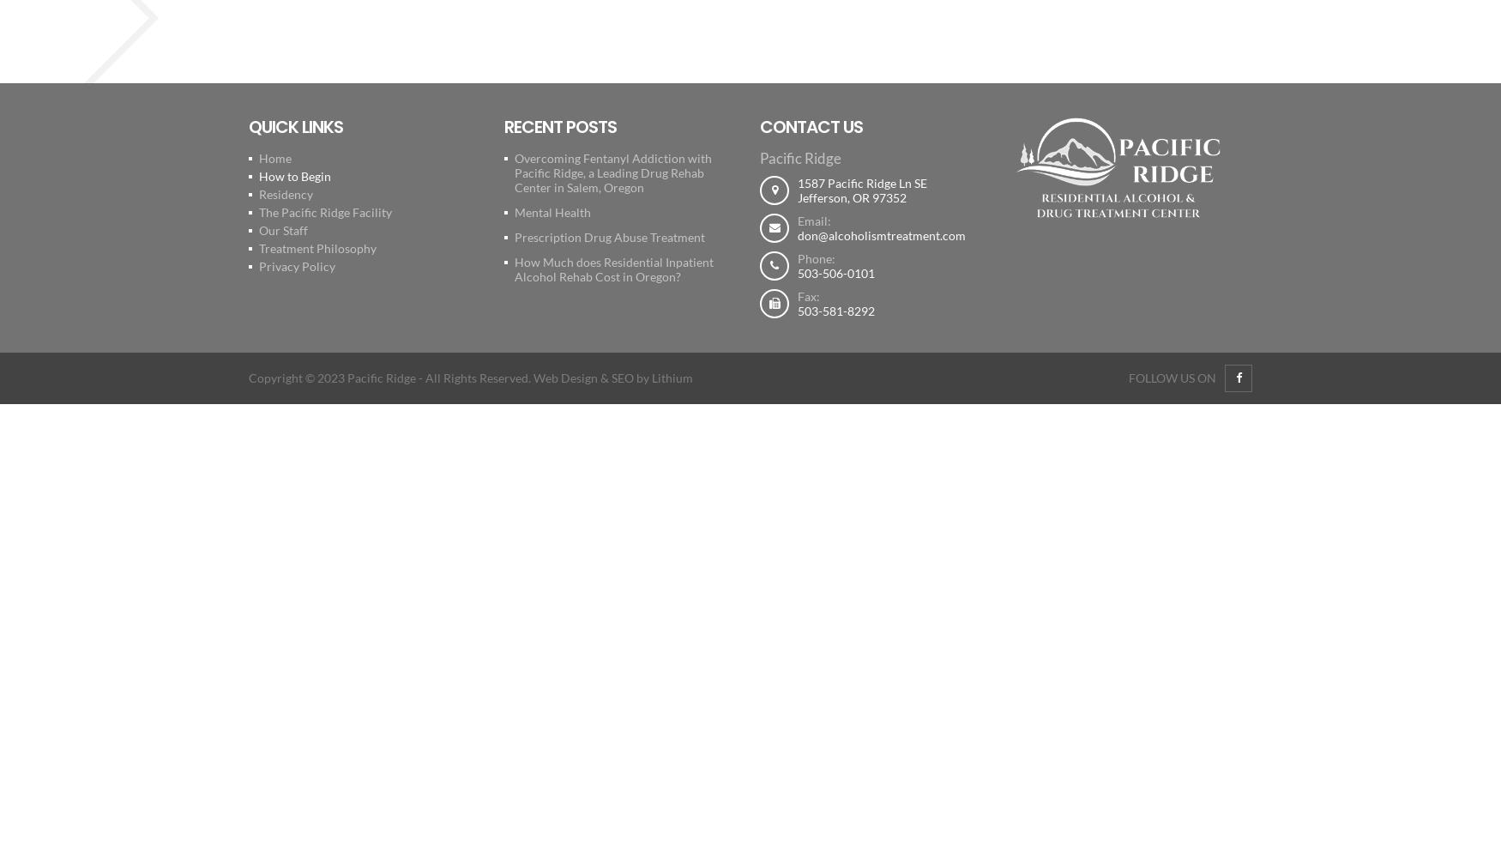  Describe the element at coordinates (258, 175) in the screenshot. I see `'How to Begin'` at that location.